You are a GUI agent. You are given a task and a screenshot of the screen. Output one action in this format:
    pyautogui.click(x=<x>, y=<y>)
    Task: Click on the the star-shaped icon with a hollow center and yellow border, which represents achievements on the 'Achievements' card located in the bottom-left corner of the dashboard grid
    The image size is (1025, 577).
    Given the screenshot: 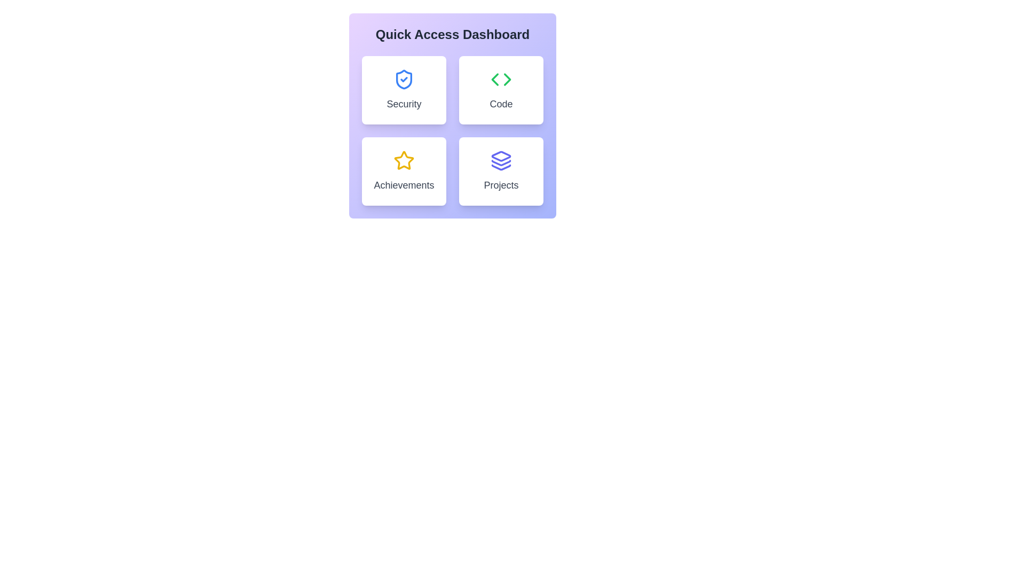 What is the action you would take?
    pyautogui.click(x=404, y=160)
    